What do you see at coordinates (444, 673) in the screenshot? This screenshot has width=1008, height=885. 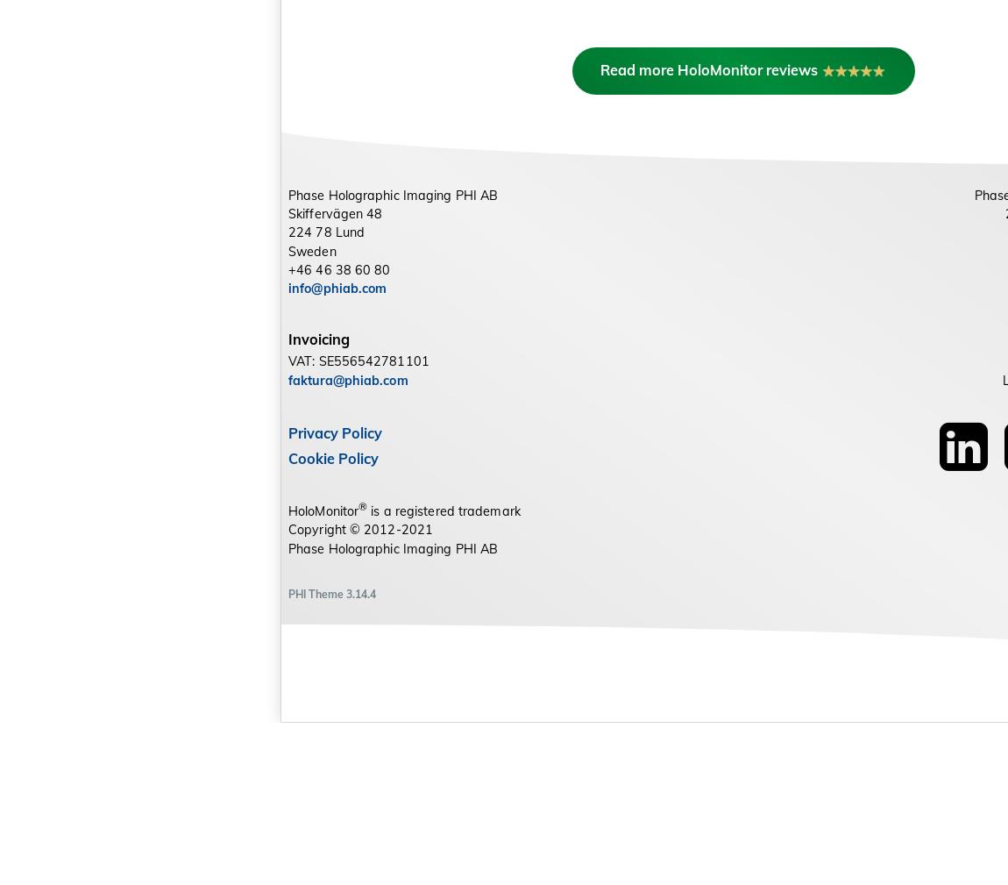 I see `'is a registered trademark'` at bounding box center [444, 673].